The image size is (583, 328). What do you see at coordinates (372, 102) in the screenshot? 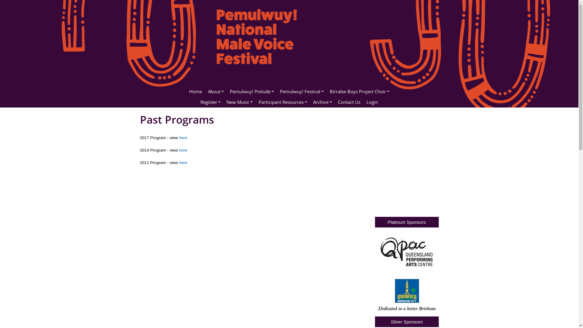
I see `'Login'` at bounding box center [372, 102].